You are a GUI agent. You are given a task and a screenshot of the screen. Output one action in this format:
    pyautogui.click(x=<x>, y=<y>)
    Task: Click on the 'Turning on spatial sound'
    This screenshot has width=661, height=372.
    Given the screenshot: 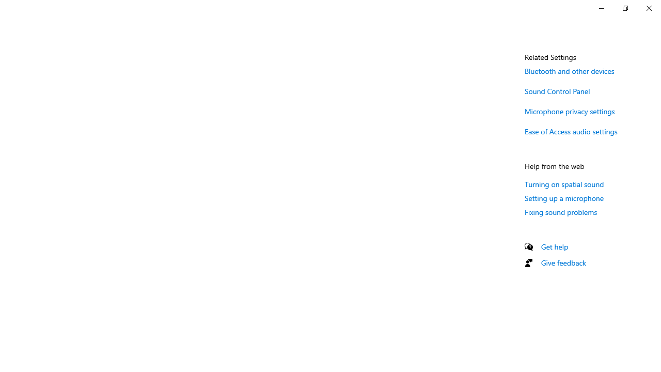 What is the action you would take?
    pyautogui.click(x=564, y=183)
    